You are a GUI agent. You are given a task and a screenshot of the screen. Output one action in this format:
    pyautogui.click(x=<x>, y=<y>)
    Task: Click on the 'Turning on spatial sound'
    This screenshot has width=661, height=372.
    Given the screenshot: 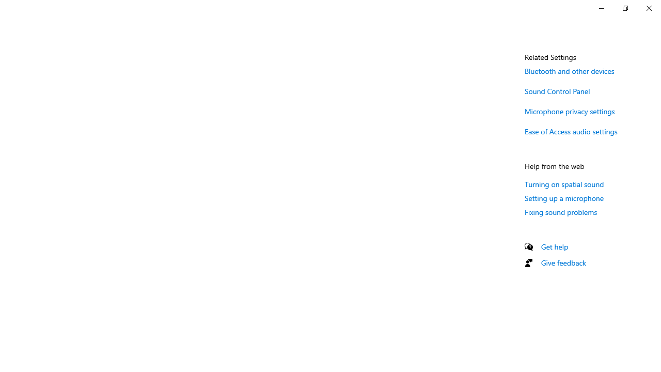 What is the action you would take?
    pyautogui.click(x=564, y=183)
    